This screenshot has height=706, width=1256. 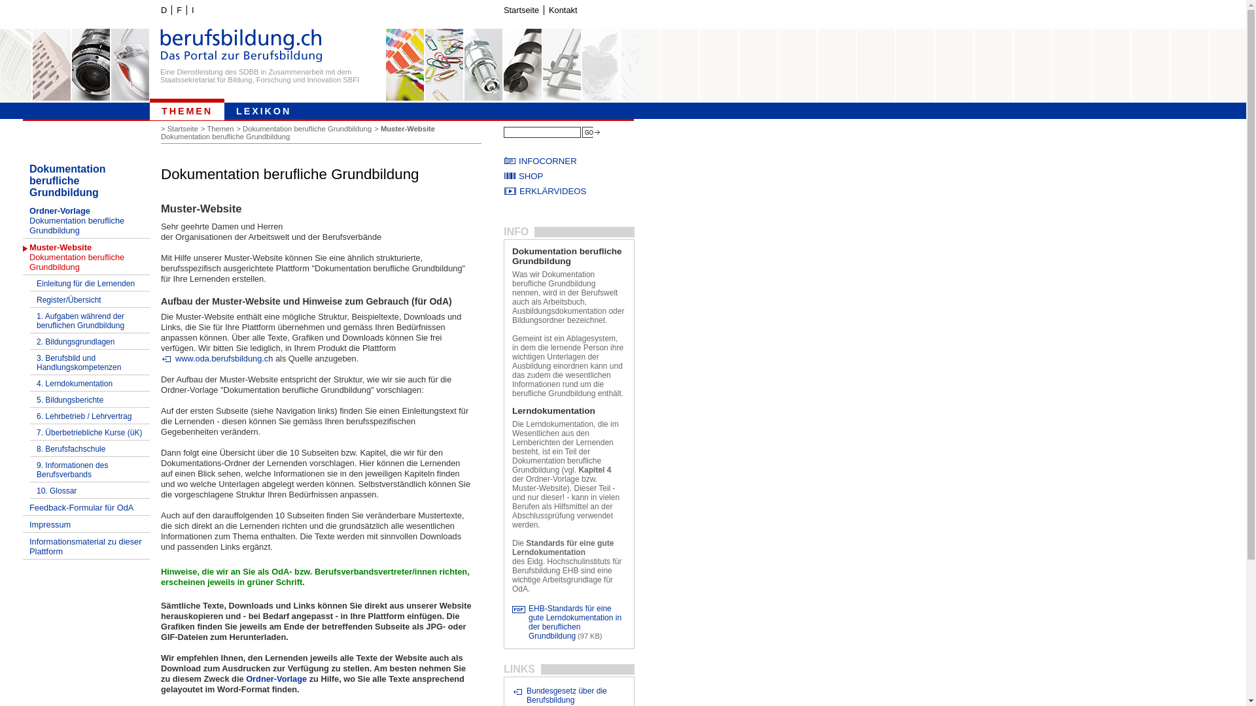 What do you see at coordinates (160, 358) in the screenshot?
I see `'www.oda.berufsbildung.ch'` at bounding box center [160, 358].